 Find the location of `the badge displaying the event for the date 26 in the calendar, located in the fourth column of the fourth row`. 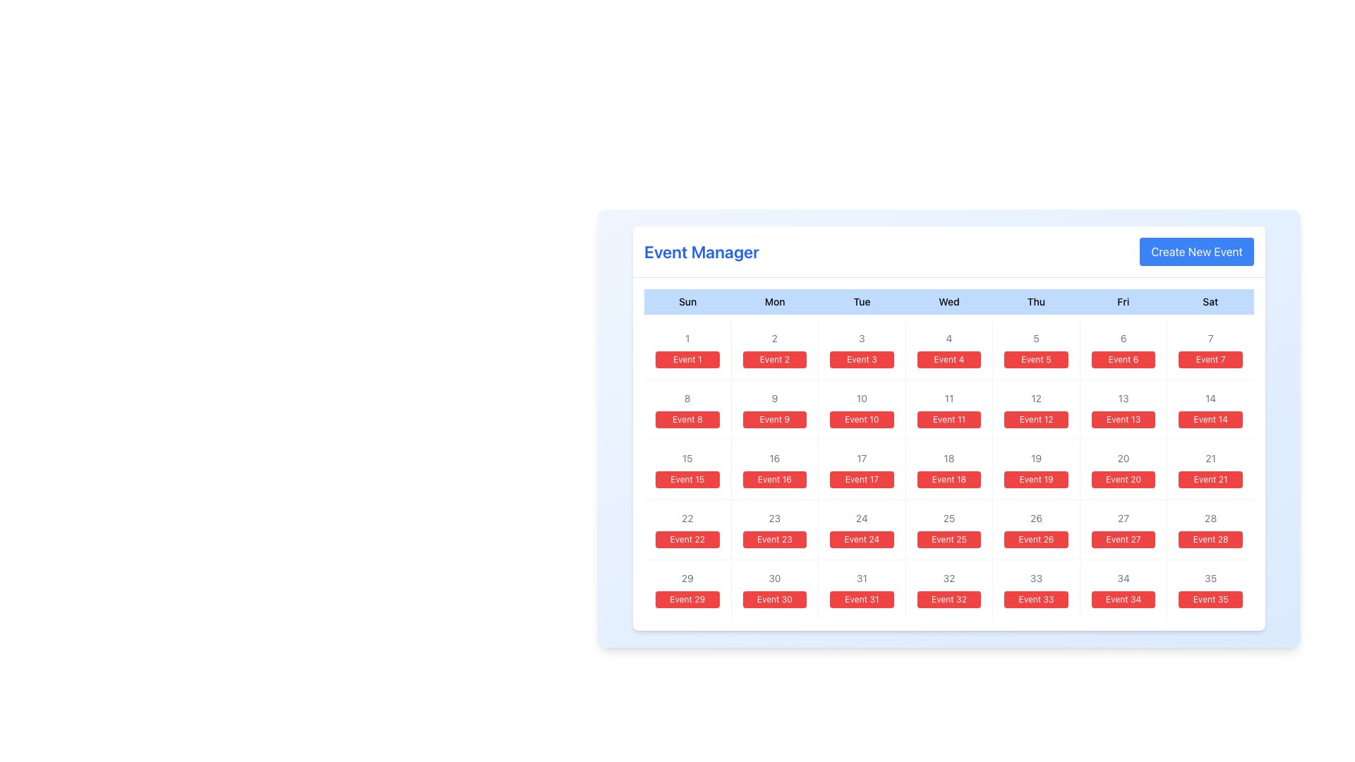

the badge displaying the event for the date 26 in the calendar, located in the fourth column of the fourth row is located at coordinates (1036, 539).